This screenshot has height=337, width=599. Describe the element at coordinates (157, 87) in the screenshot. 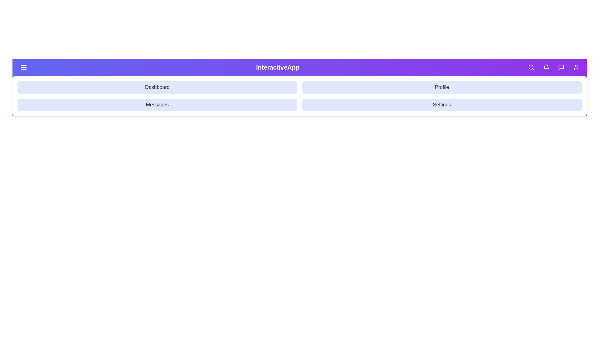

I see `the navigation option Dashboard to navigate to the corresponding section` at that location.